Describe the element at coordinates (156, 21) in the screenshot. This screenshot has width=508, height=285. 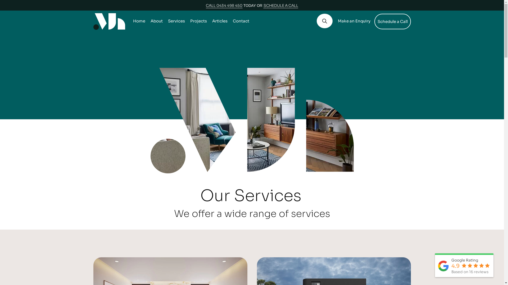
I see `'About'` at that location.